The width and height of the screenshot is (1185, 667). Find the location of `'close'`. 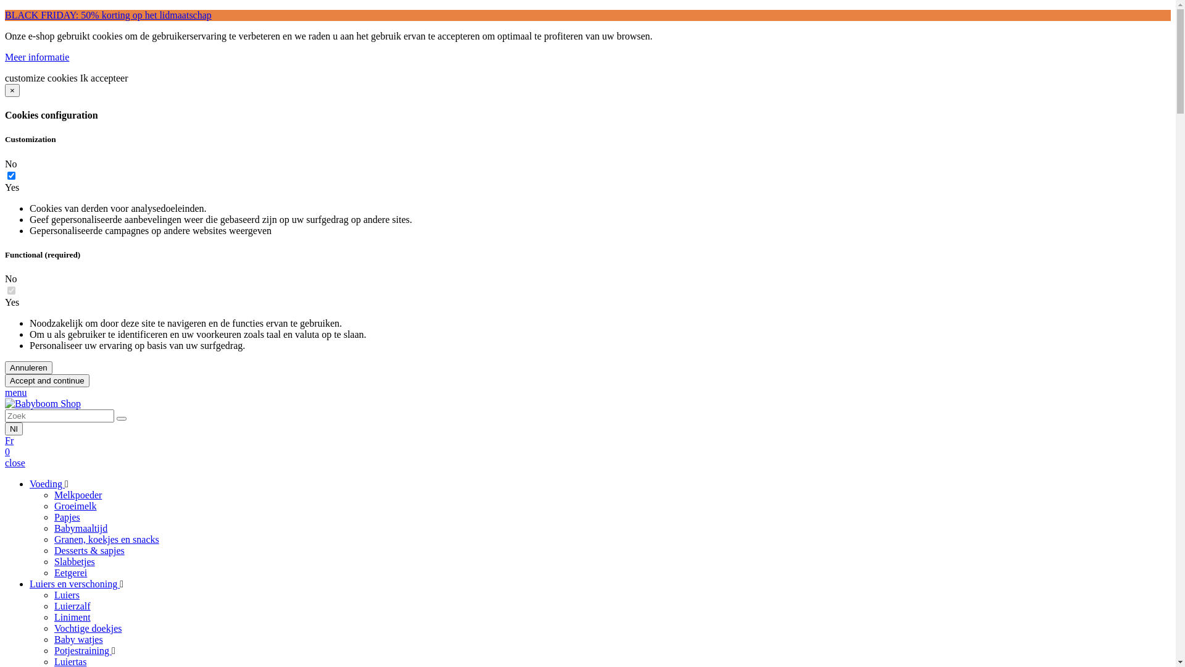

'close' is located at coordinates (15, 463).